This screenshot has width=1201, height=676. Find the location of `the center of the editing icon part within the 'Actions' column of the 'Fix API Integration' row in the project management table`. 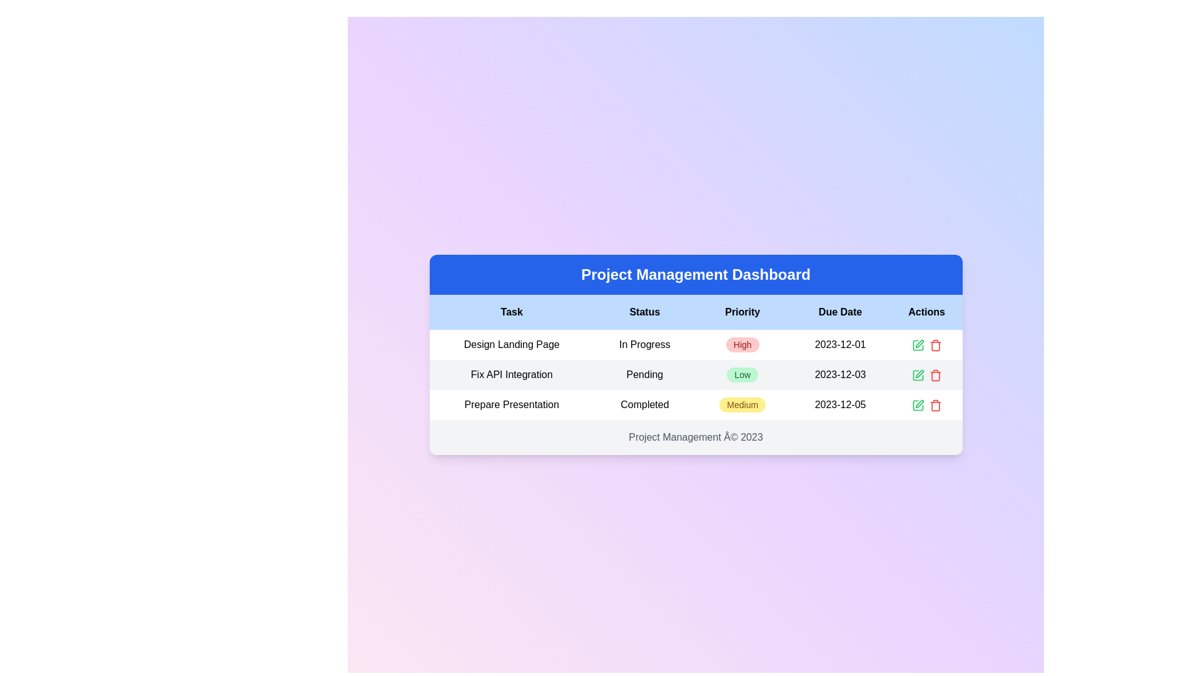

the center of the editing icon part within the 'Actions' column of the 'Fix API Integration' row in the project management table is located at coordinates (918, 345).